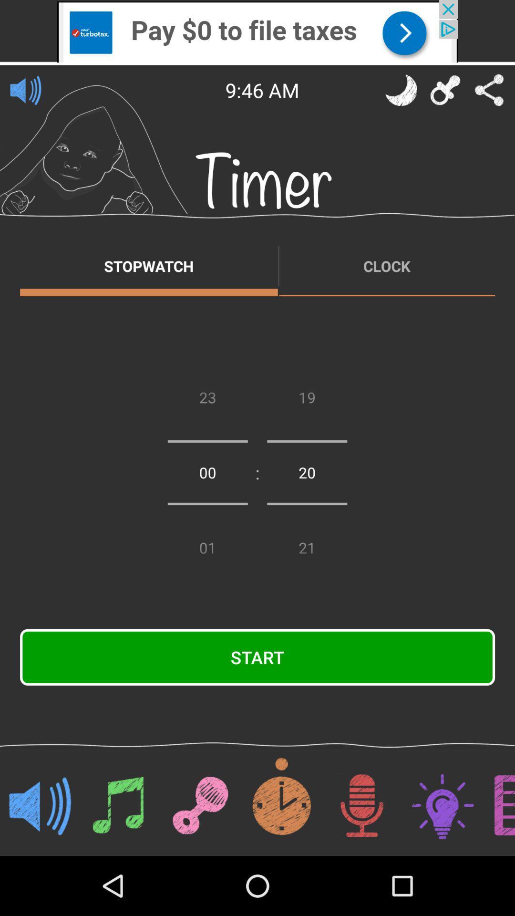 Image resolution: width=515 pixels, height=916 pixels. What do you see at coordinates (489, 90) in the screenshot?
I see `share` at bounding box center [489, 90].